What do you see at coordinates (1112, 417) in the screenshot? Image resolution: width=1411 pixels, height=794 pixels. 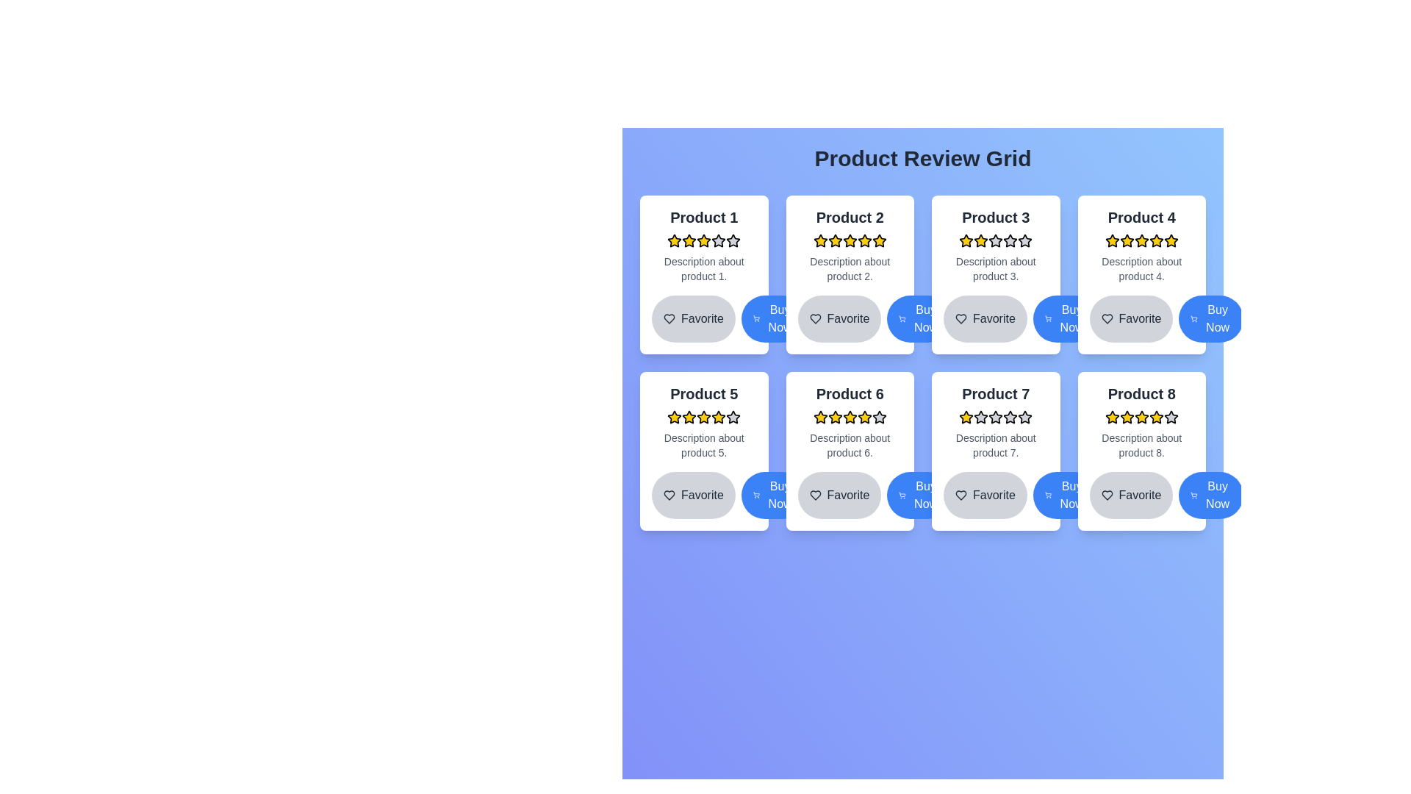 I see `the second star icon in the rating bar for Product 8, which is styled as a yellow star with a stroke outline, to interact with it` at bounding box center [1112, 417].